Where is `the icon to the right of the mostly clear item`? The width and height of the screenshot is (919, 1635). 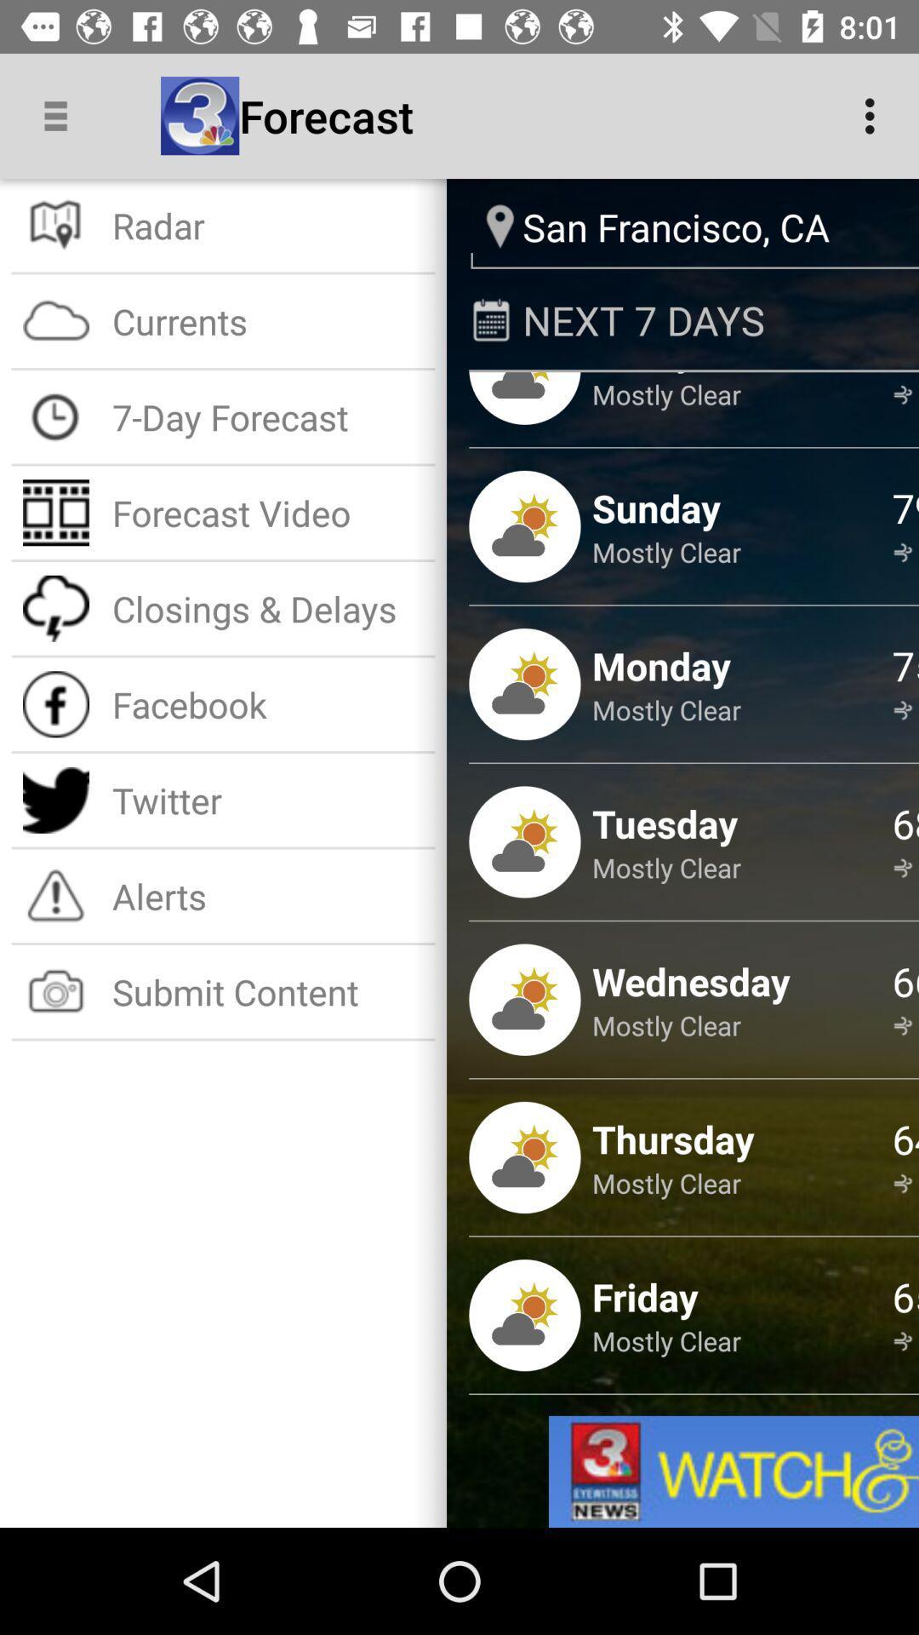 the icon to the right of the mostly clear item is located at coordinates (905, 823).